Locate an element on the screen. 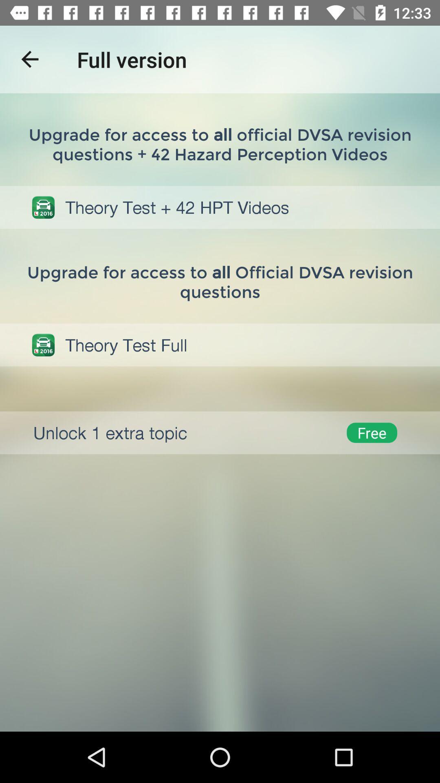 This screenshot has height=783, width=440. item next to full version item is located at coordinates (29, 59).